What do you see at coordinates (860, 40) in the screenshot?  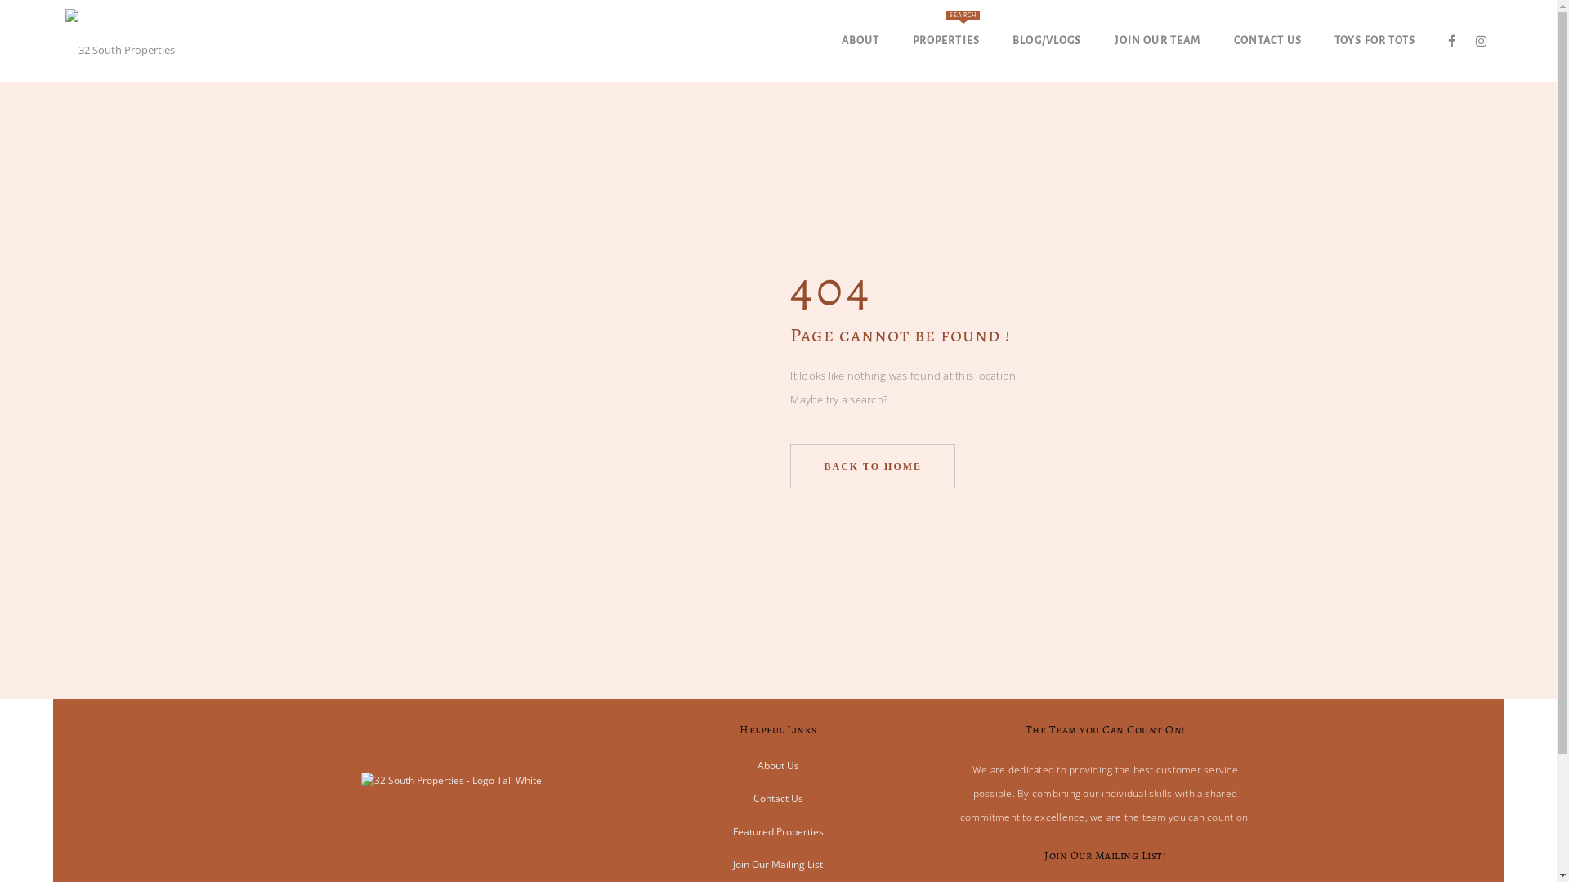 I see `'ABOUT'` at bounding box center [860, 40].